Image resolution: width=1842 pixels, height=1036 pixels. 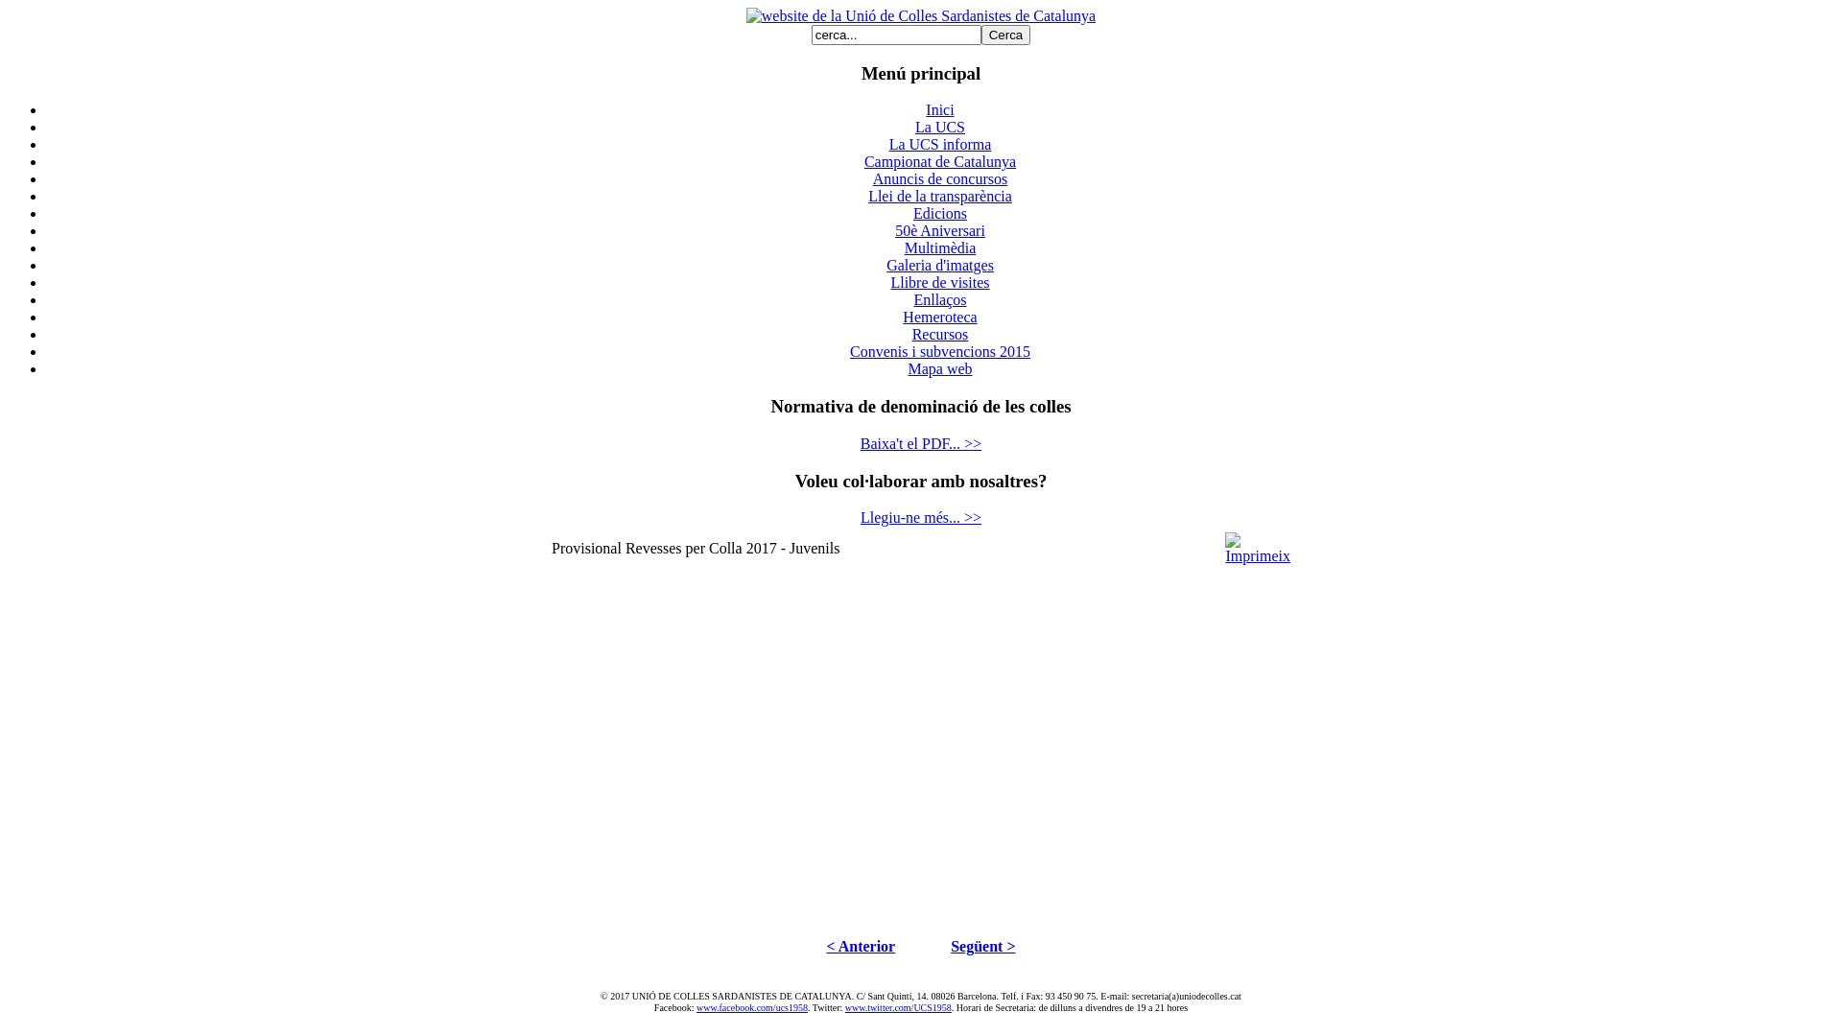 What do you see at coordinates (939, 351) in the screenshot?
I see `'Convenis i subvencions 2015'` at bounding box center [939, 351].